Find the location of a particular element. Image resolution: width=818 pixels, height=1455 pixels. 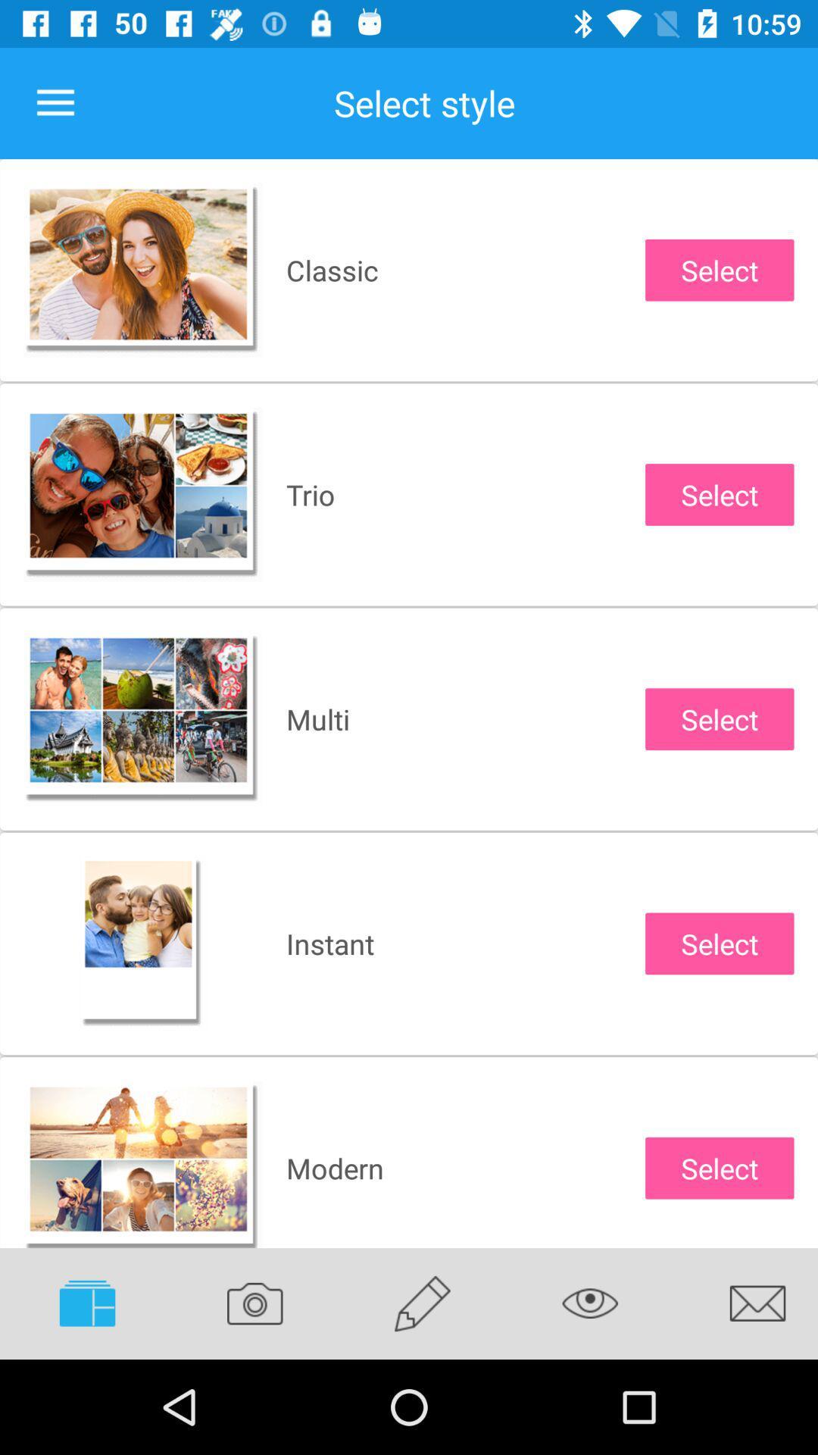

the icon next to select style is located at coordinates (55, 102).